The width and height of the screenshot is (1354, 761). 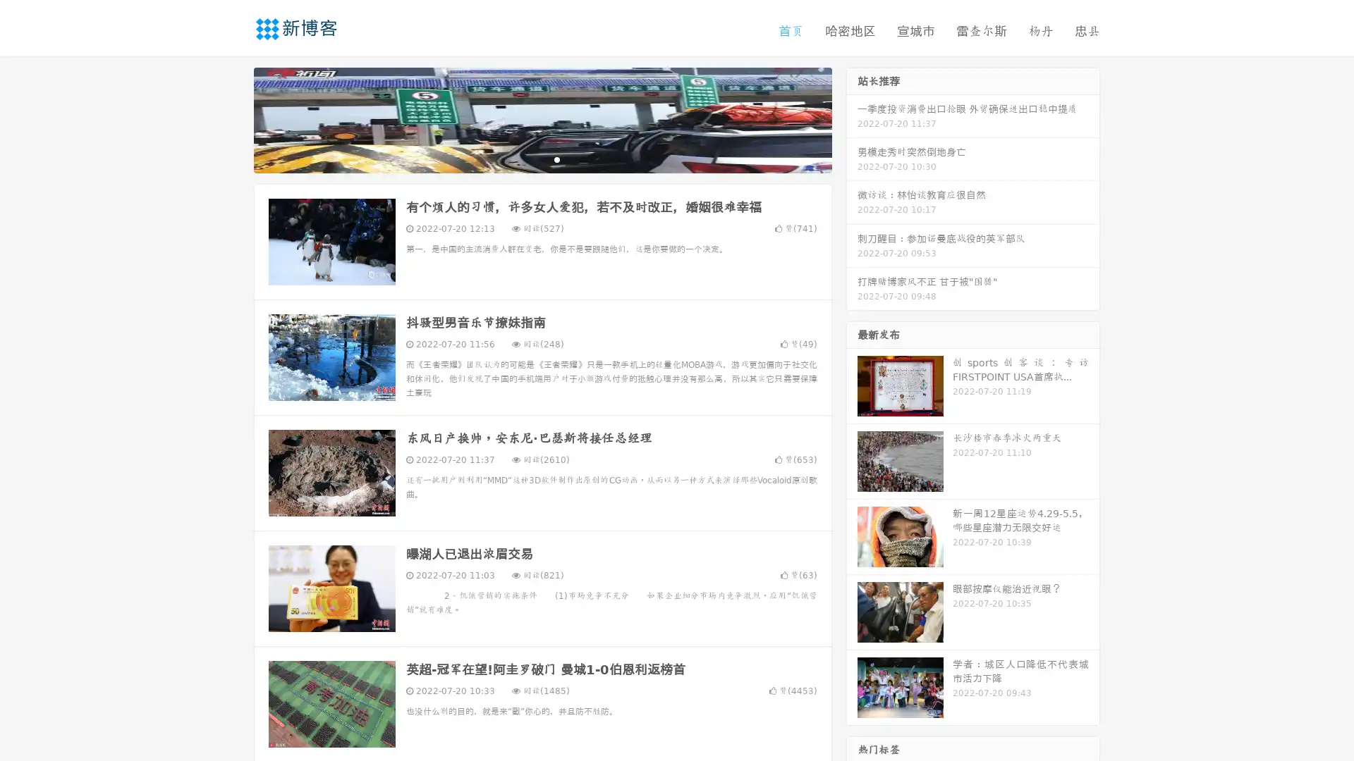 I want to click on Go to slide 2, so click(x=542, y=159).